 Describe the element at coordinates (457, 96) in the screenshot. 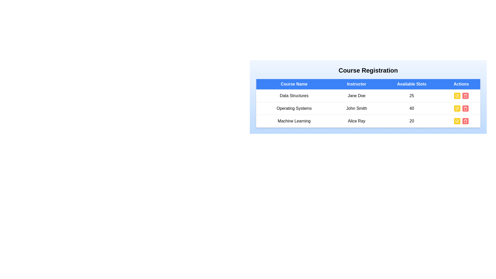

I see `edit button for the course Data Structures` at that location.